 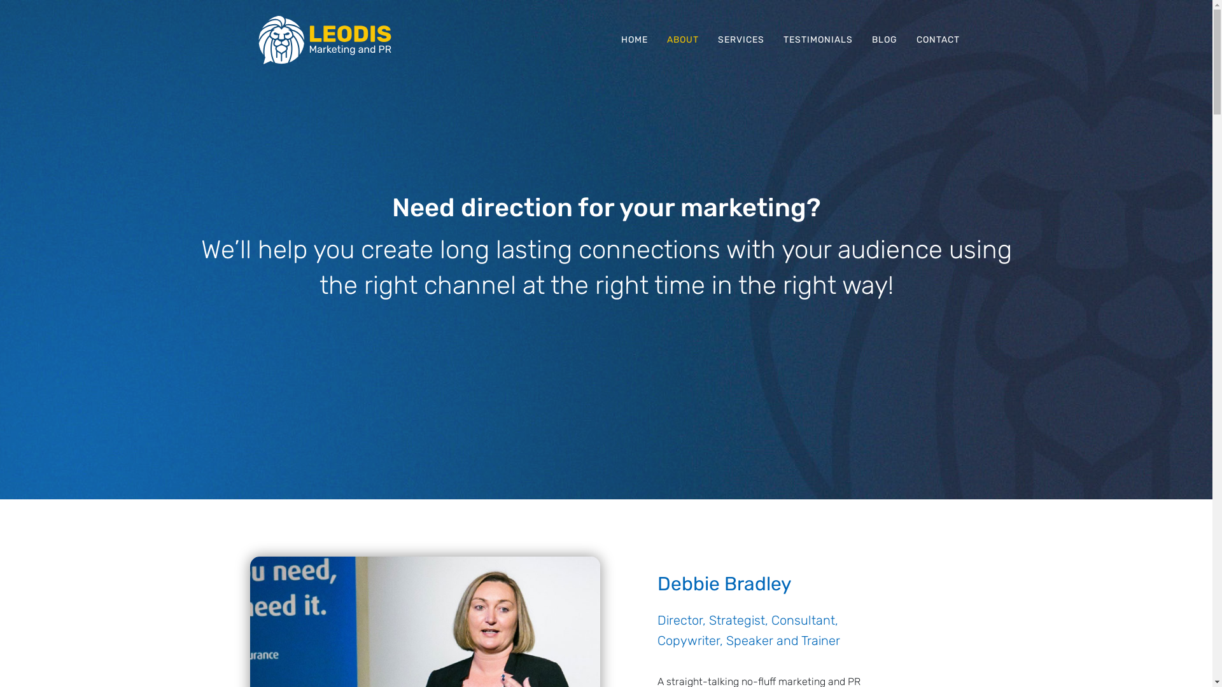 What do you see at coordinates (938, 39) in the screenshot?
I see `'CONTACT'` at bounding box center [938, 39].